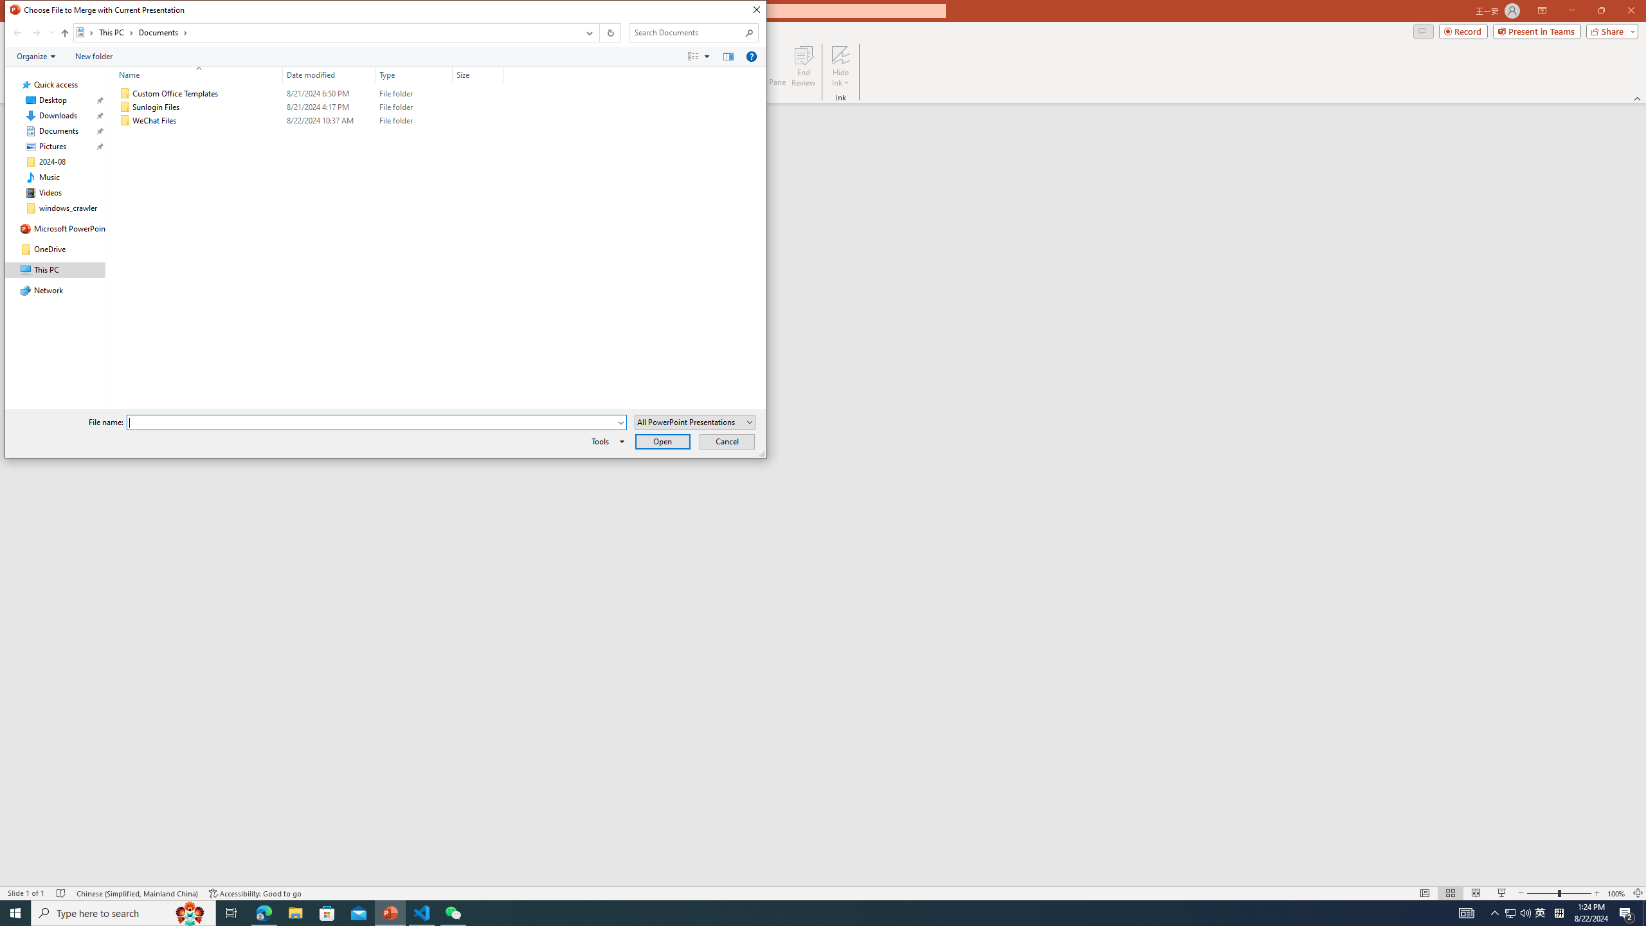 The height and width of the screenshot is (926, 1646). What do you see at coordinates (116, 32) in the screenshot?
I see `'This PC'` at bounding box center [116, 32].